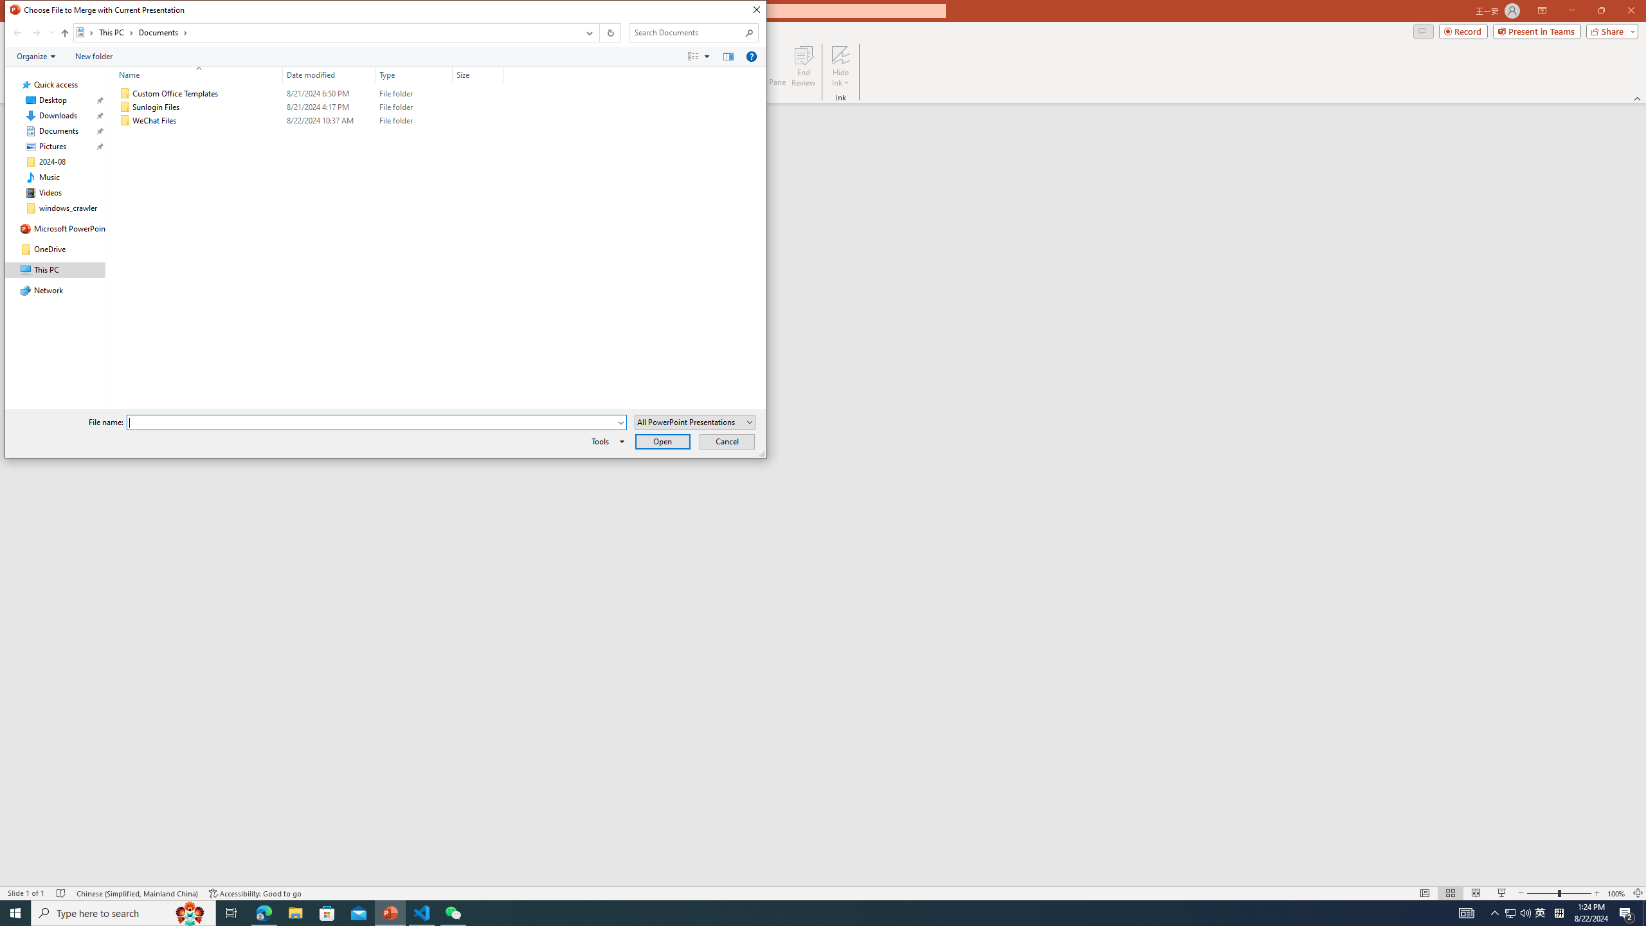 The height and width of the screenshot is (926, 1646). What do you see at coordinates (116, 32) in the screenshot?
I see `'This PC'` at bounding box center [116, 32].